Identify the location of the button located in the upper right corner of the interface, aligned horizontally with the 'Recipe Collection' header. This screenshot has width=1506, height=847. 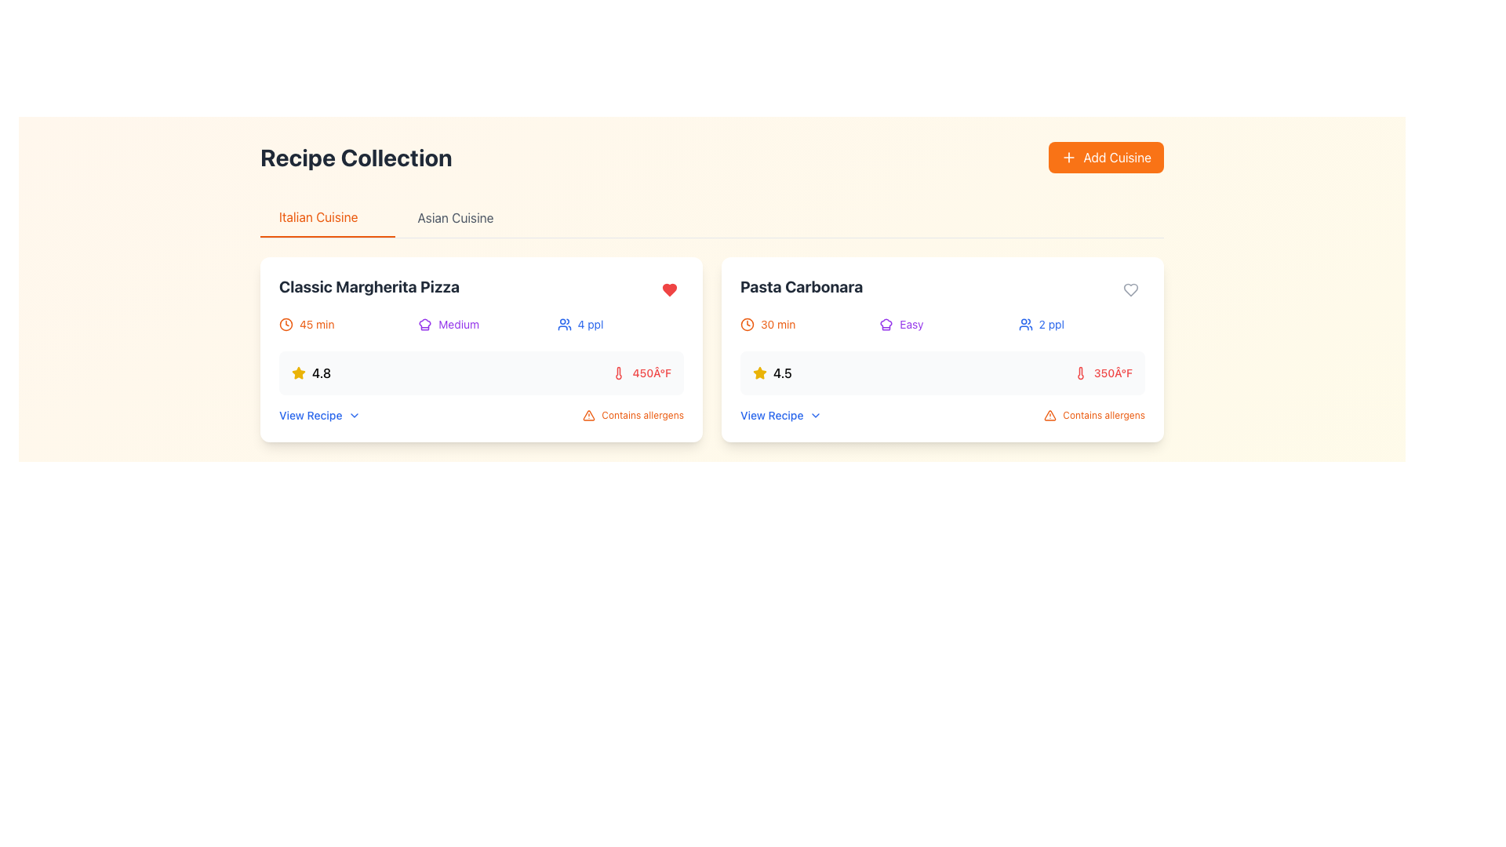
(1105, 157).